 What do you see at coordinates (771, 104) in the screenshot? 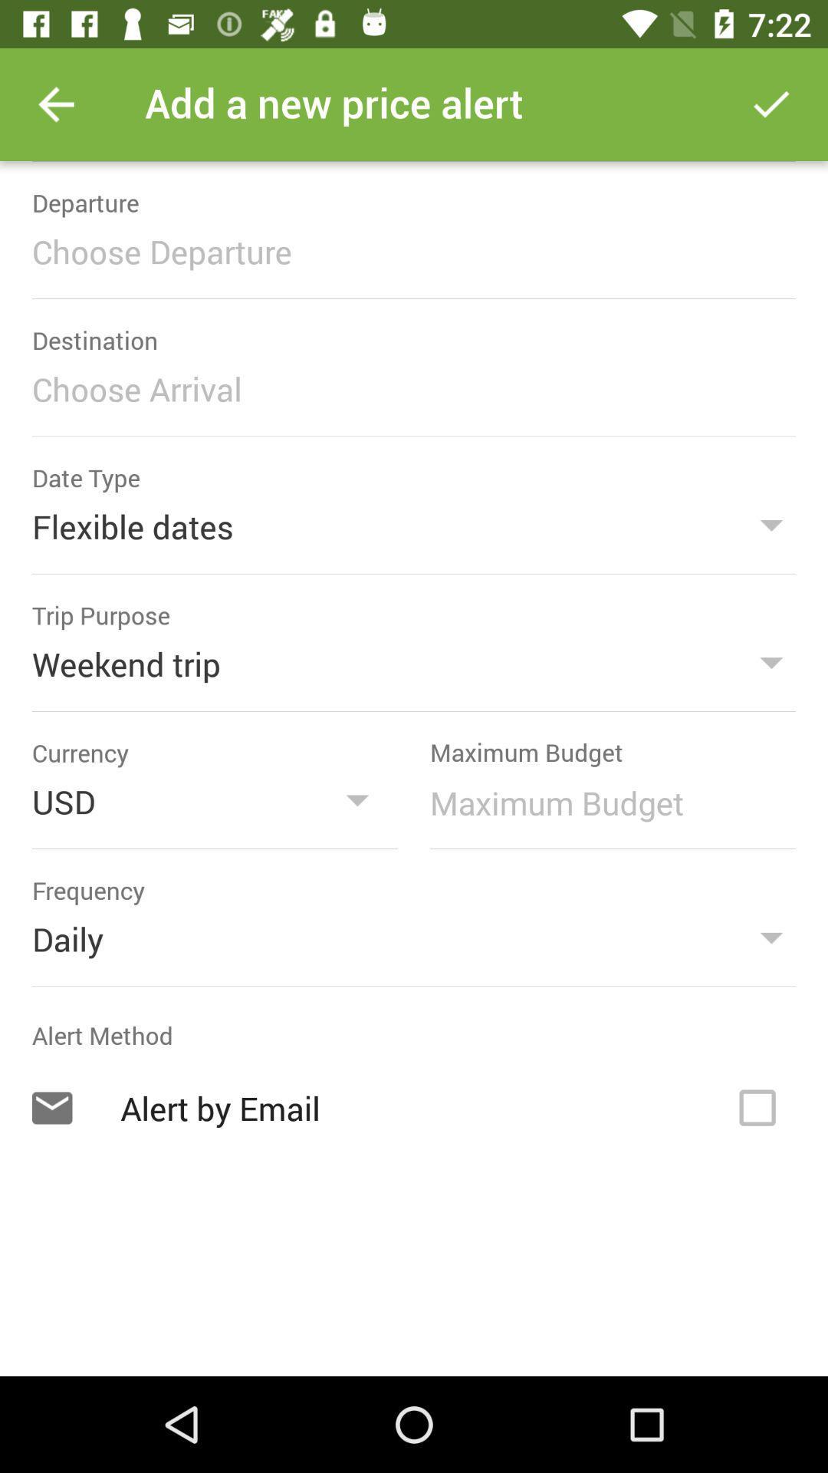
I see `the check icon` at bounding box center [771, 104].